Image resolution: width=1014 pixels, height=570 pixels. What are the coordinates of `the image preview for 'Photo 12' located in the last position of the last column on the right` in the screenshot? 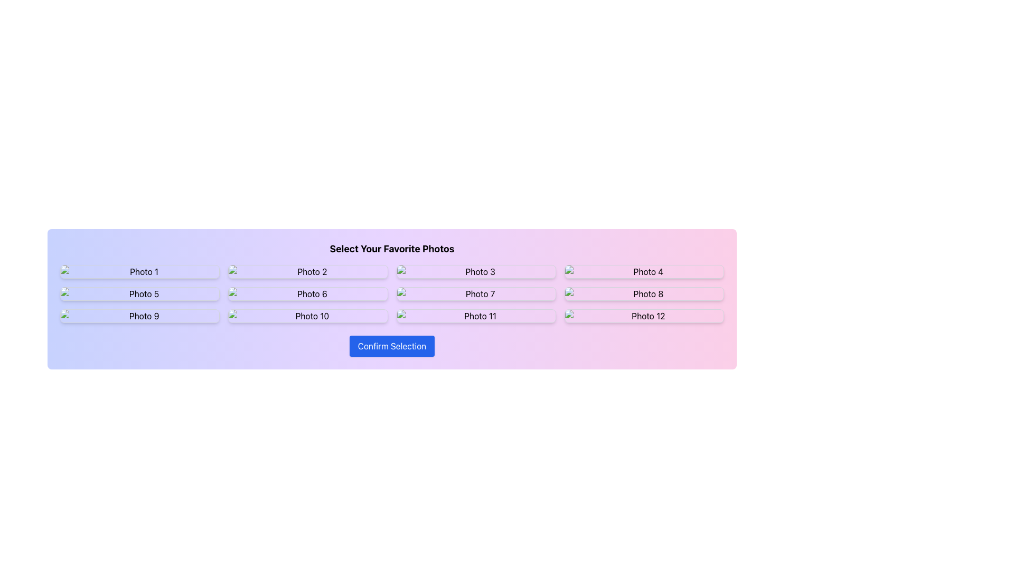 It's located at (643, 315).